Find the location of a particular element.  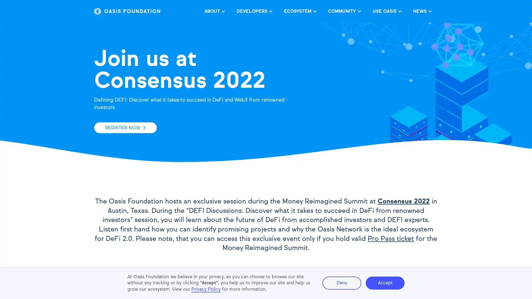

Accept is located at coordinates (385, 283).